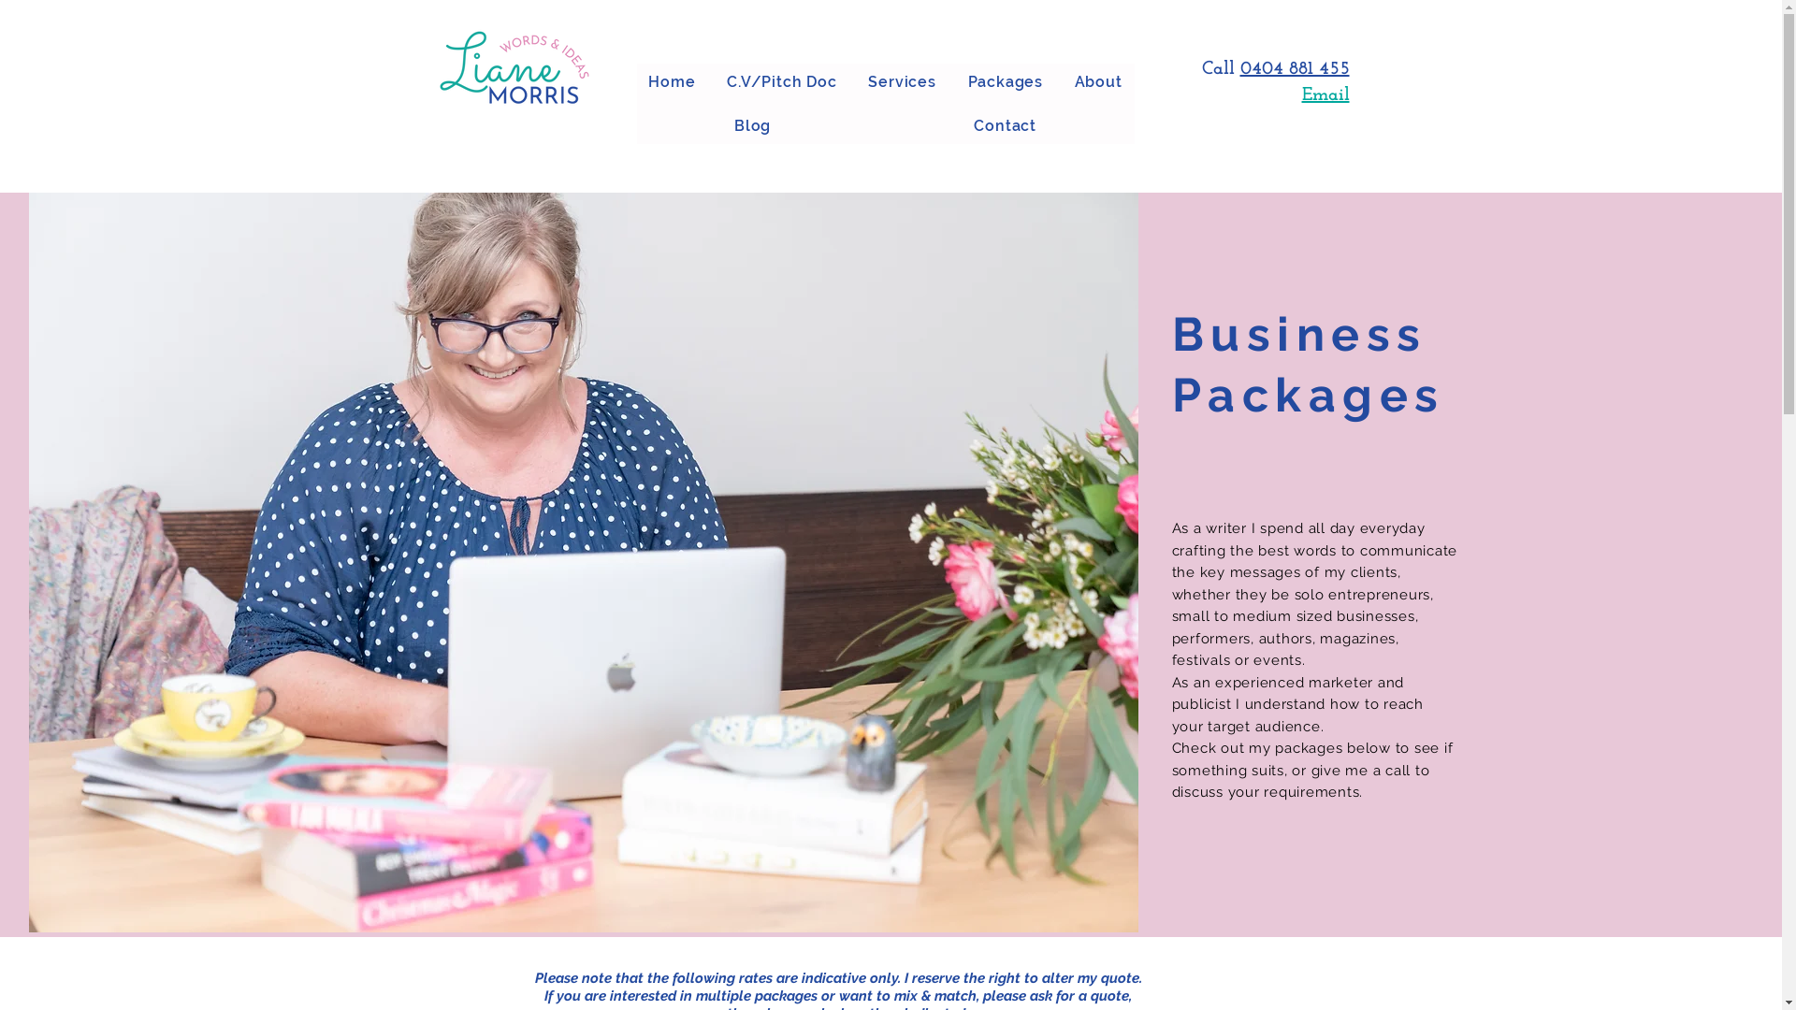 This screenshot has height=1010, width=1796. Describe the element at coordinates (956, 80) in the screenshot. I see `'Packages'` at that location.